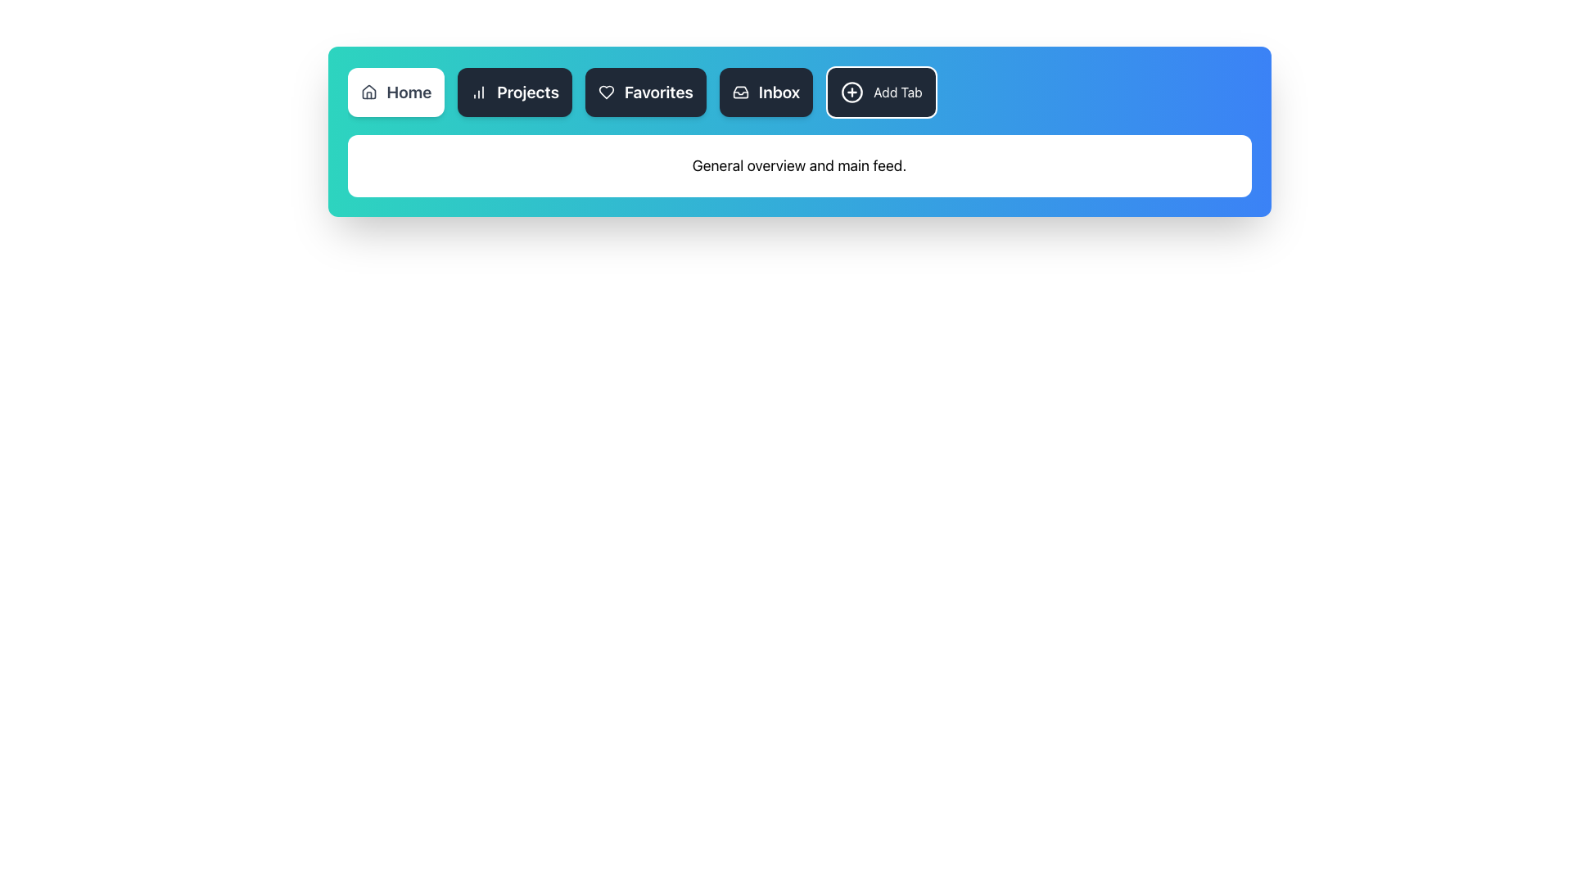 The image size is (1572, 884). What do you see at coordinates (368, 92) in the screenshot?
I see `the visual indicator icon on the 'Home' button located in the top-left corner of the interface` at bounding box center [368, 92].